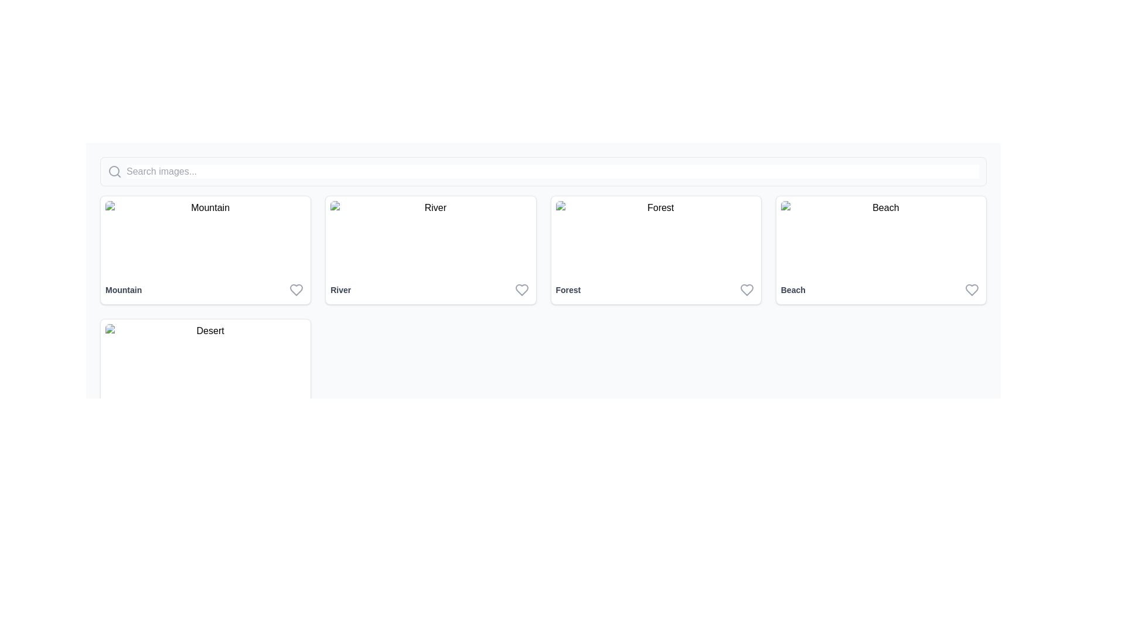  What do you see at coordinates (296, 290) in the screenshot?
I see `the heart icon in the bottom-right corner of the 'Mountain' card to mark it as a favorite` at bounding box center [296, 290].